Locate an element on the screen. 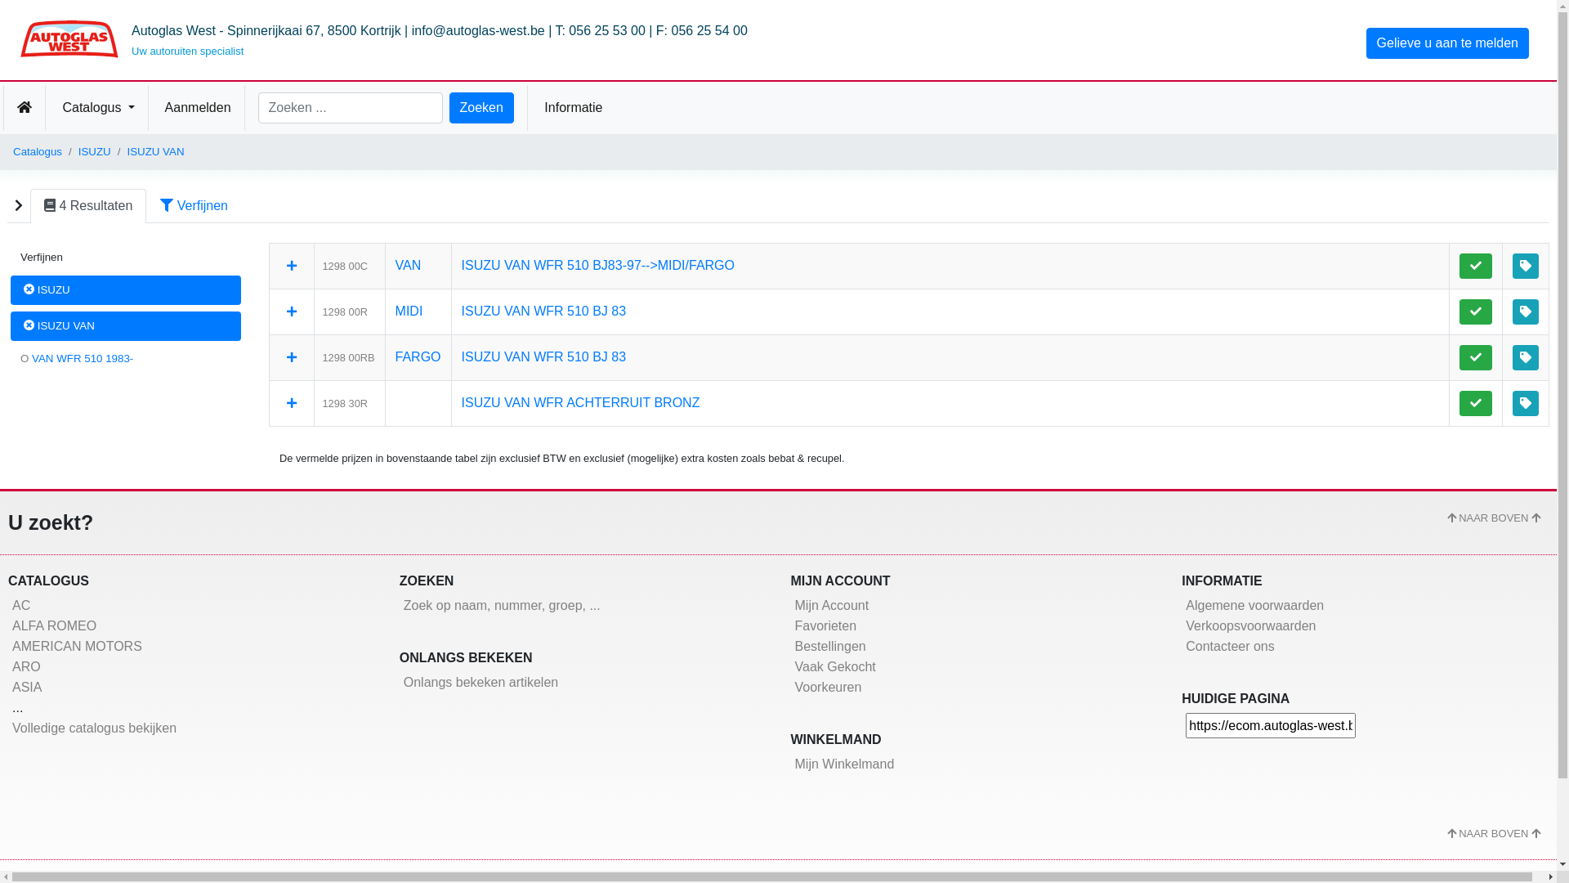 Image resolution: width=1569 pixels, height=883 pixels. 'Vaak Gekocht' is located at coordinates (834, 666).